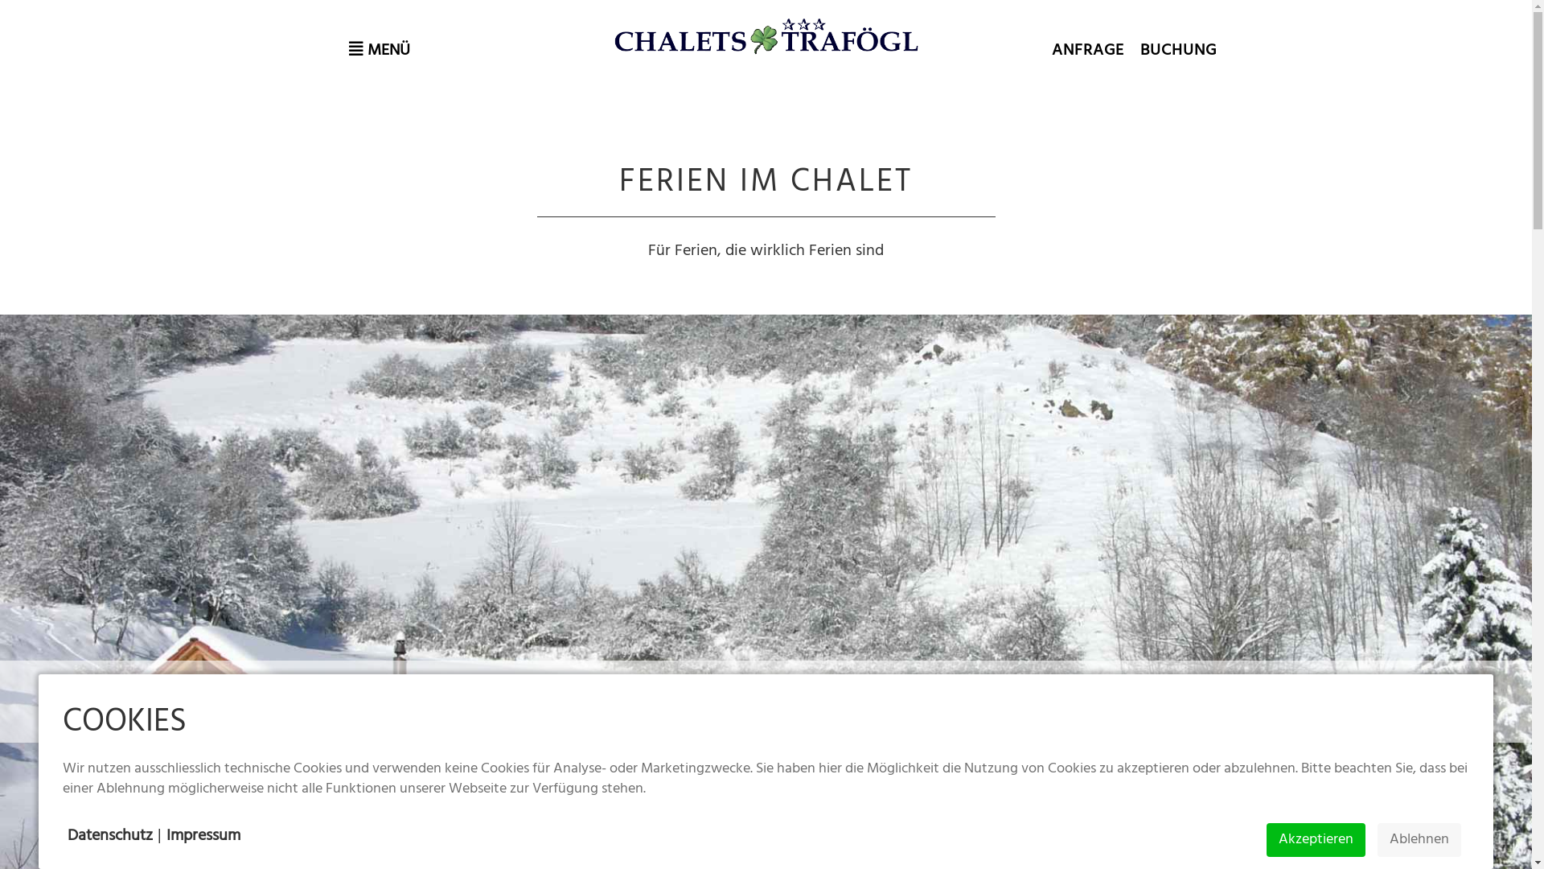 The height and width of the screenshot is (869, 1544). What do you see at coordinates (1419, 839) in the screenshot?
I see `'Ablehnen'` at bounding box center [1419, 839].